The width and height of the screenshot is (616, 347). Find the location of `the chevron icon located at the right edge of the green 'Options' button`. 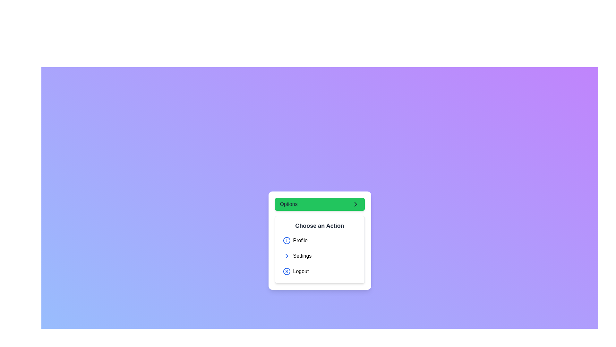

the chevron icon located at the right edge of the green 'Options' button is located at coordinates (355, 204).